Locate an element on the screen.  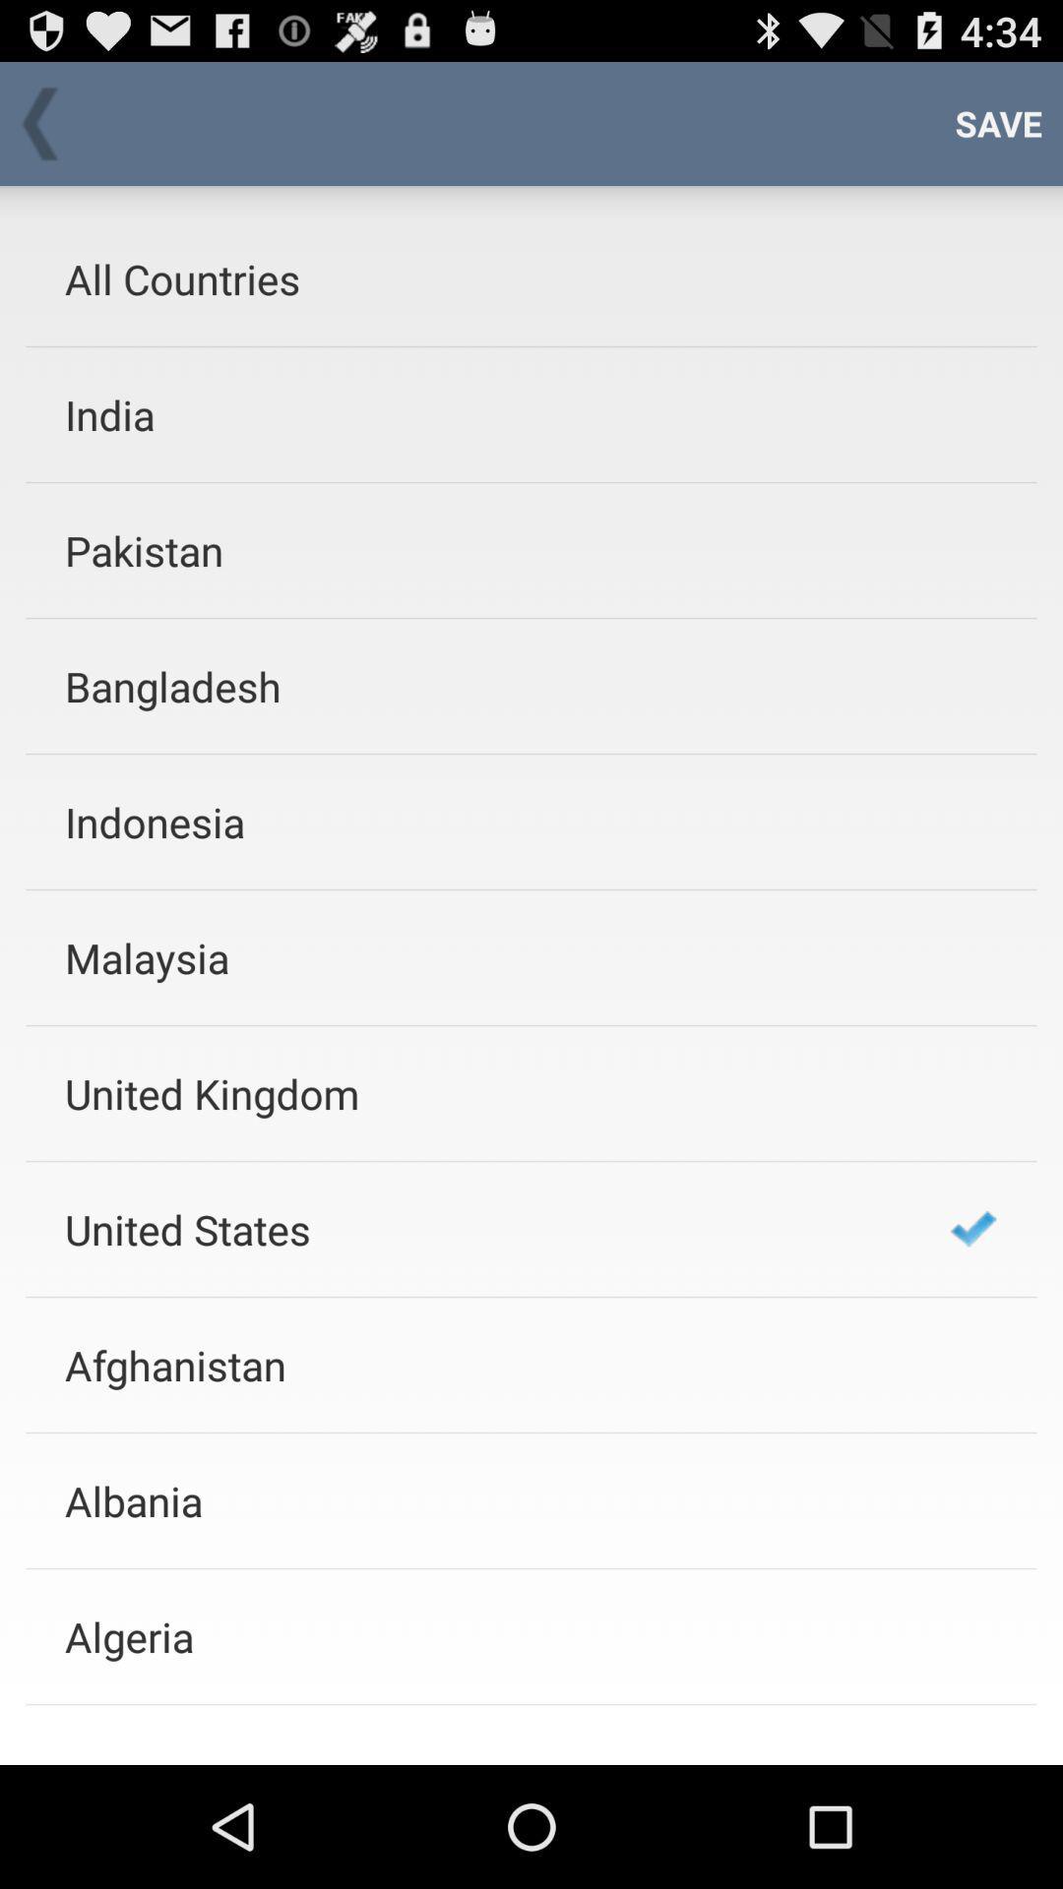
the item above the united states icon is located at coordinates (481, 1092).